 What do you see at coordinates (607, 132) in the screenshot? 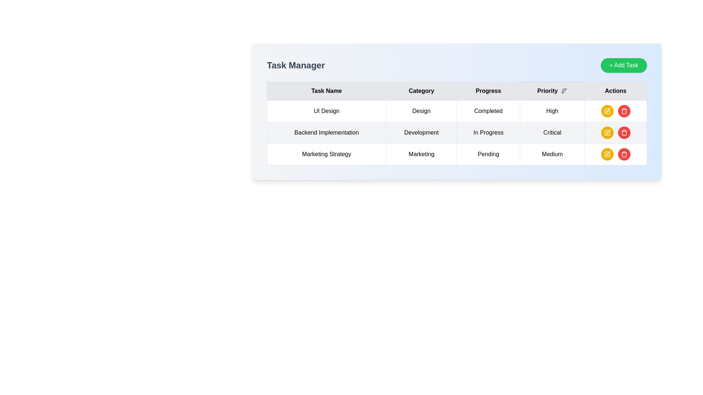
I see `the edit button located in the 'Actions' column of the second row in the table to initiate editing the task details` at bounding box center [607, 132].